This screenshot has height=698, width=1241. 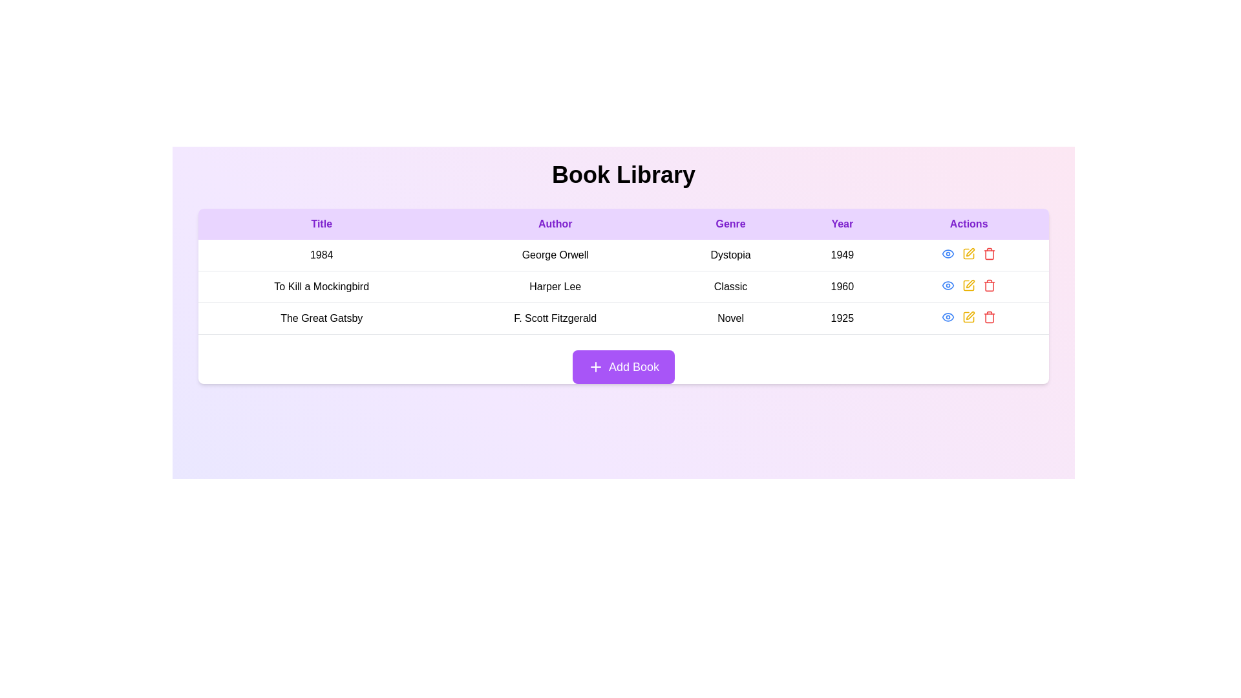 What do you see at coordinates (321, 286) in the screenshot?
I see `the Text label that displays the title of a book in the second row of the table under the 'Title' column` at bounding box center [321, 286].